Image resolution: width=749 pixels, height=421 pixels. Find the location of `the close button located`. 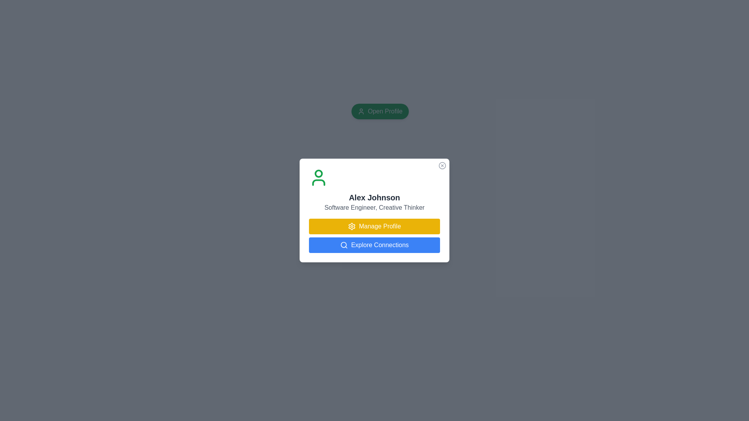

the close button located is located at coordinates (442, 165).